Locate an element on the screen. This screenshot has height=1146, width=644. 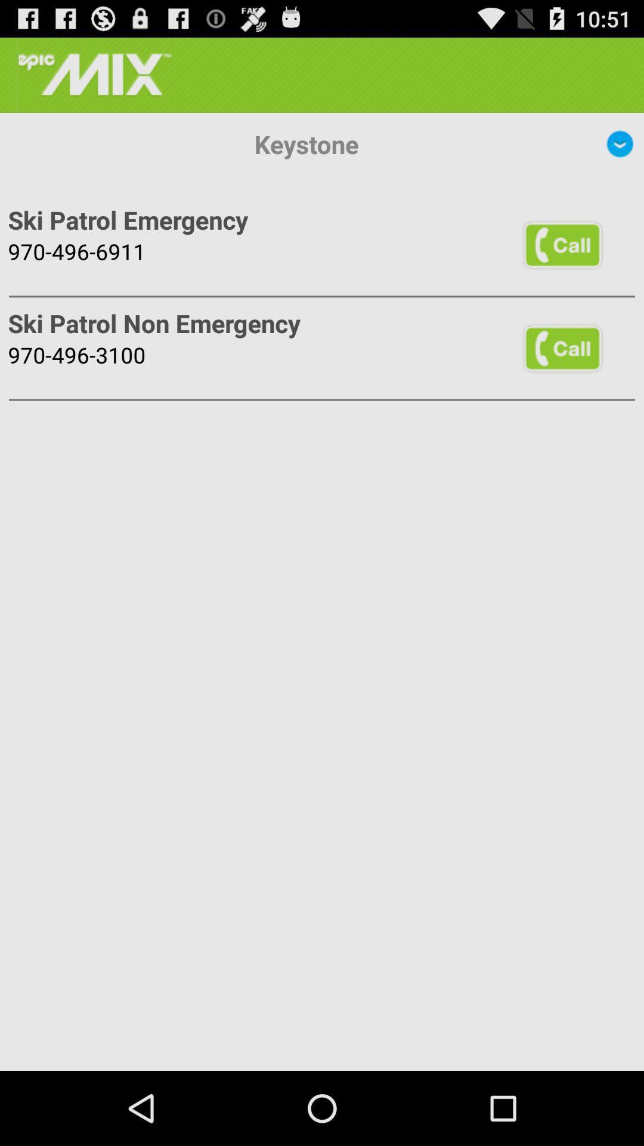
app to the right of keystone app is located at coordinates (620, 143).